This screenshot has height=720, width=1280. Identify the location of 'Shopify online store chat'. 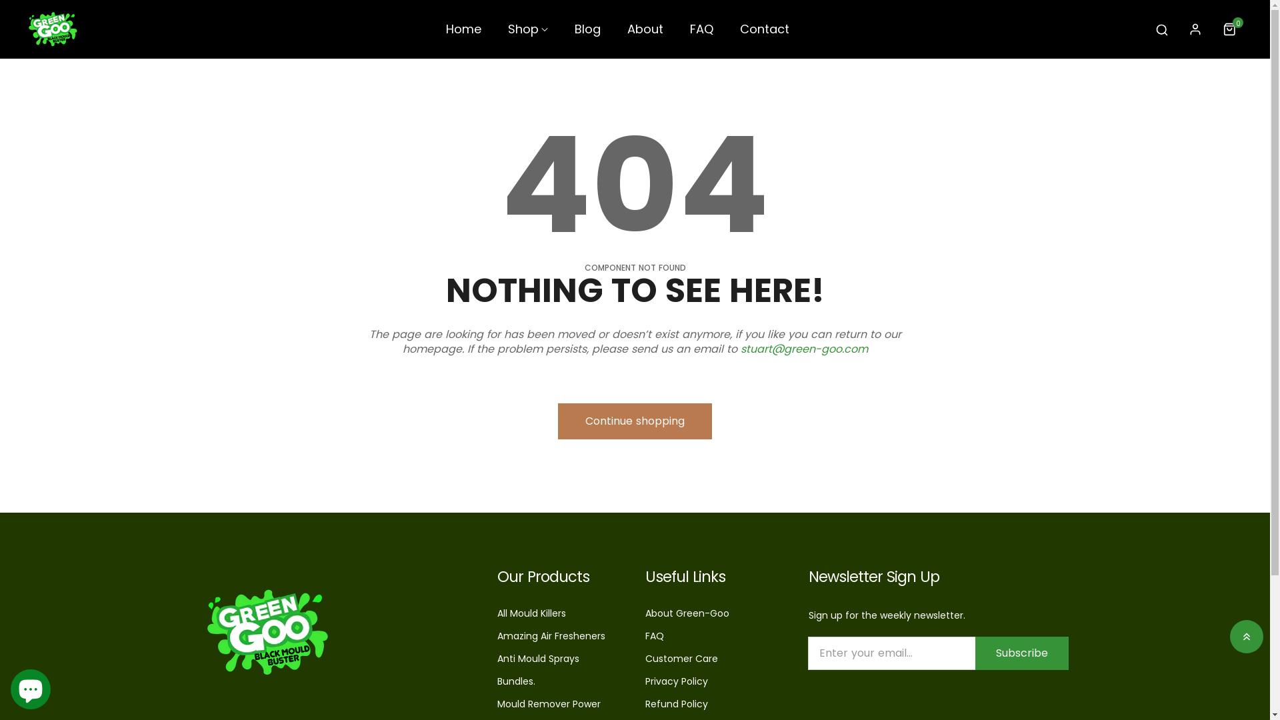
(31, 686).